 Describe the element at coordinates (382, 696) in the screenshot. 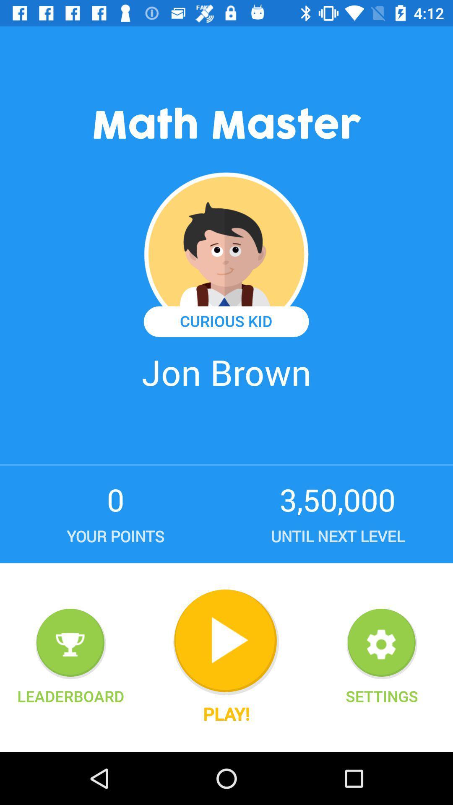

I see `the settings icon` at that location.